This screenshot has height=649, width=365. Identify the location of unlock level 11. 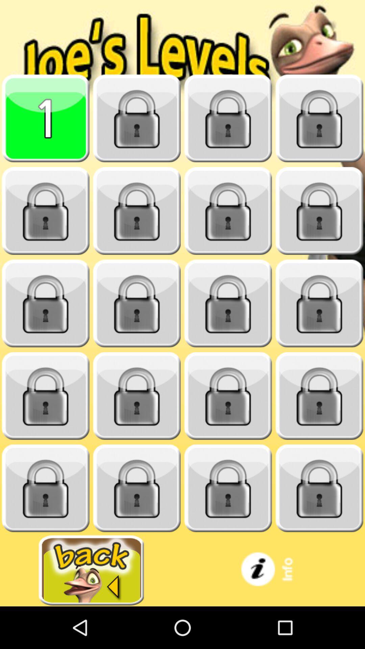
(228, 303).